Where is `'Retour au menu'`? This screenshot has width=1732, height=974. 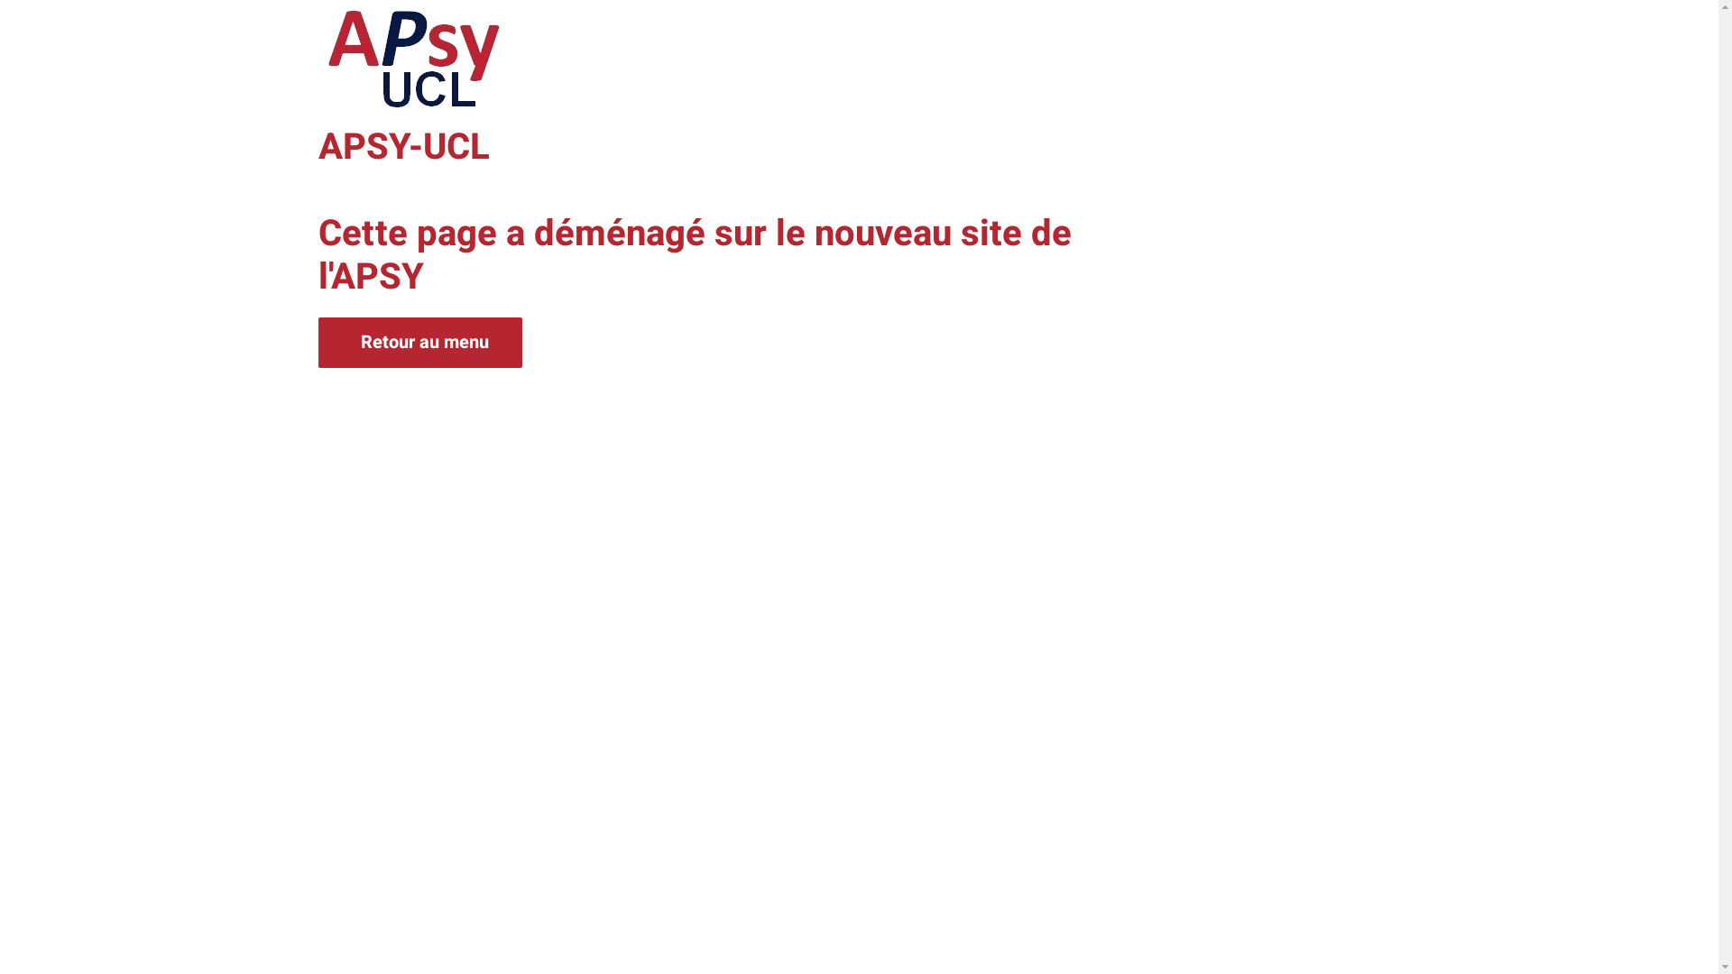
'Retour au menu' is located at coordinates (419, 343).